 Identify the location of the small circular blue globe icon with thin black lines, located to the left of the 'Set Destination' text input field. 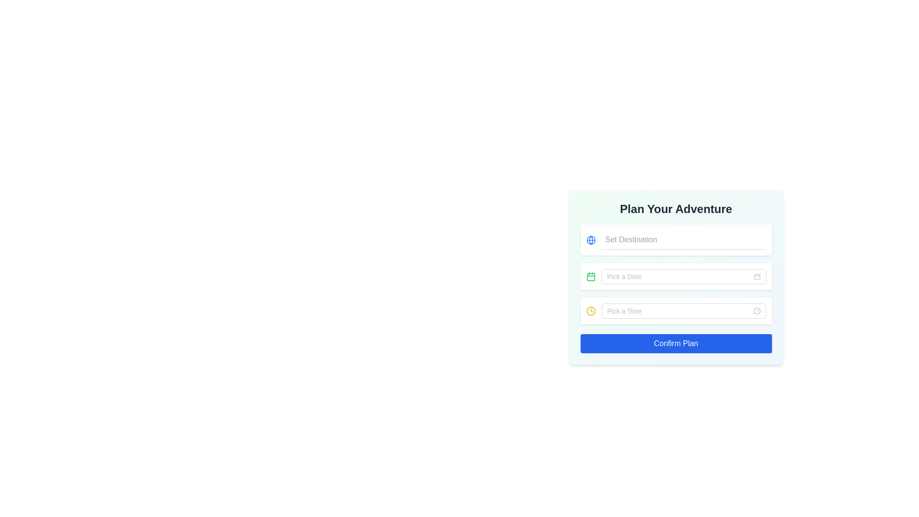
(590, 239).